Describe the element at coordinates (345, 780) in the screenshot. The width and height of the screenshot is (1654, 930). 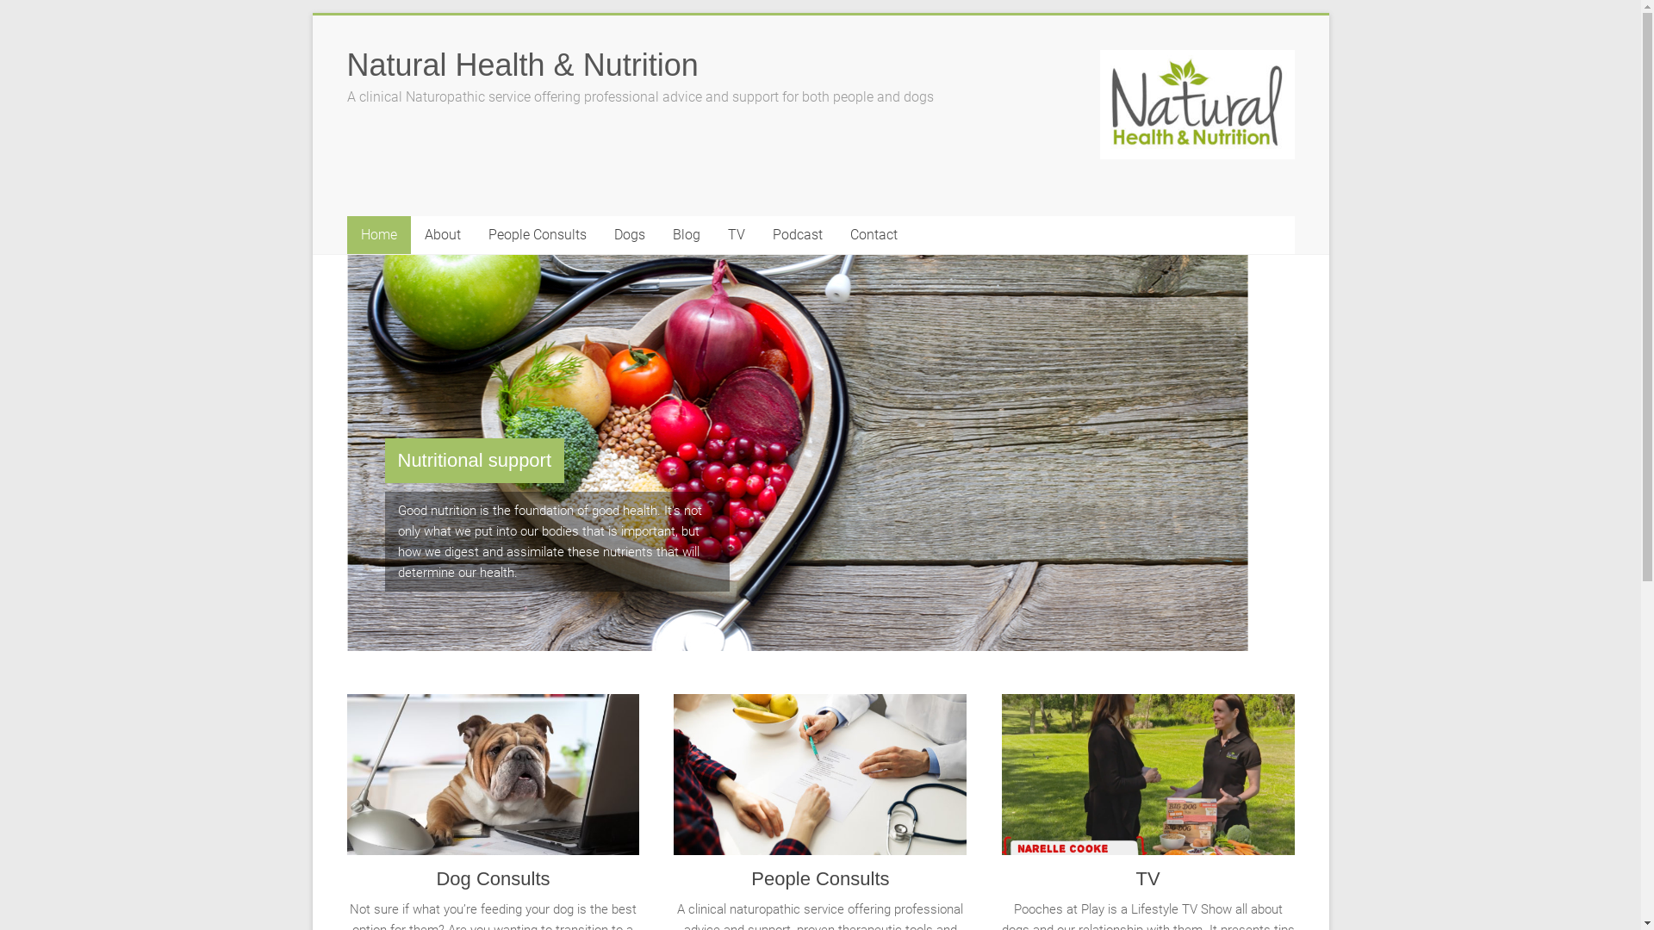
I see `'Dog Consults'` at that location.